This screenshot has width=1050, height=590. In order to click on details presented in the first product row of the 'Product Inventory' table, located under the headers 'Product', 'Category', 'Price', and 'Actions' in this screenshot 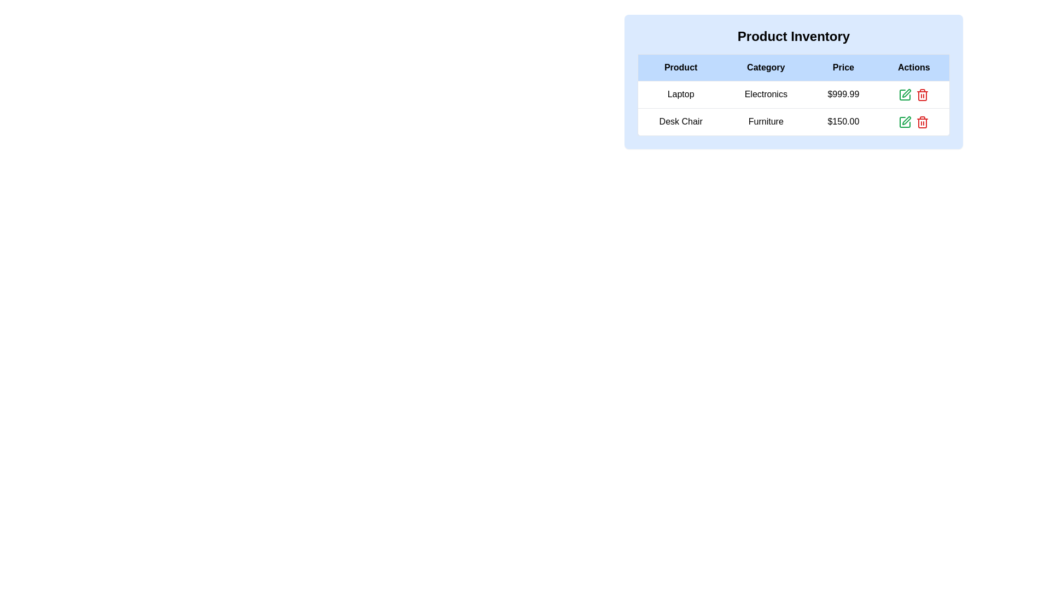, I will do `click(794, 108)`.